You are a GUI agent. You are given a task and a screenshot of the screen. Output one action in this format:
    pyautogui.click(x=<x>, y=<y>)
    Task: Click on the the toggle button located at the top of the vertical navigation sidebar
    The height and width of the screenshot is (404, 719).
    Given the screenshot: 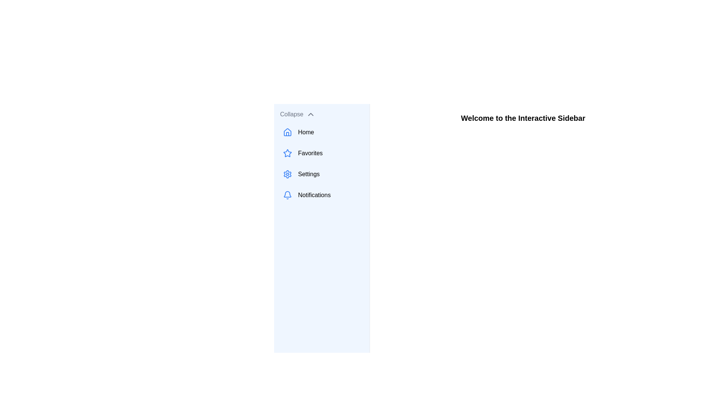 What is the action you would take?
    pyautogui.click(x=322, y=114)
    